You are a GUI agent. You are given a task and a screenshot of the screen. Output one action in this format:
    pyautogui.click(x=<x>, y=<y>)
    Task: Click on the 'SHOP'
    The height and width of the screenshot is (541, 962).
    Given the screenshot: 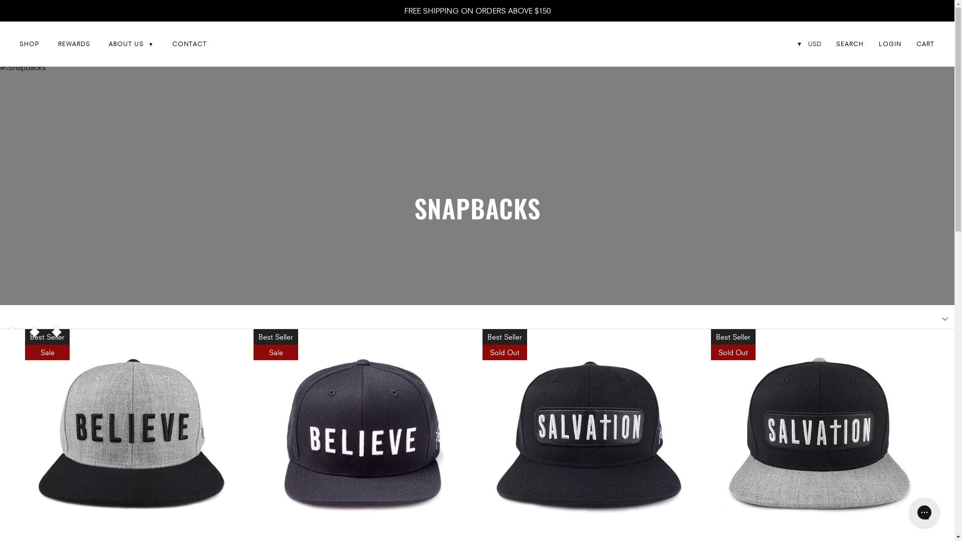 What is the action you would take?
    pyautogui.click(x=29, y=44)
    